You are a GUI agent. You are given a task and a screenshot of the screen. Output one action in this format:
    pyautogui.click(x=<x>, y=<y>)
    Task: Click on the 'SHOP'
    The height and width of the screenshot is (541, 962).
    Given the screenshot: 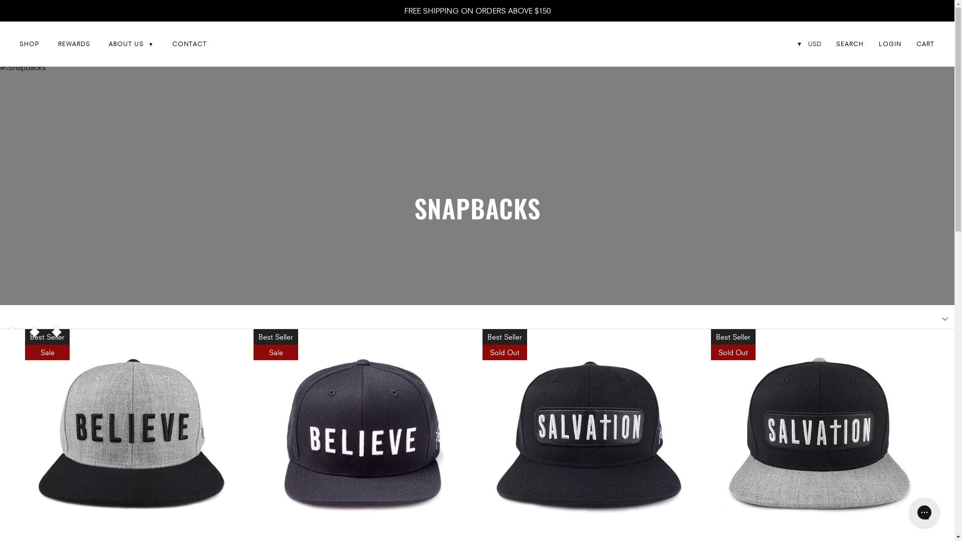 What is the action you would take?
    pyautogui.click(x=29, y=44)
    